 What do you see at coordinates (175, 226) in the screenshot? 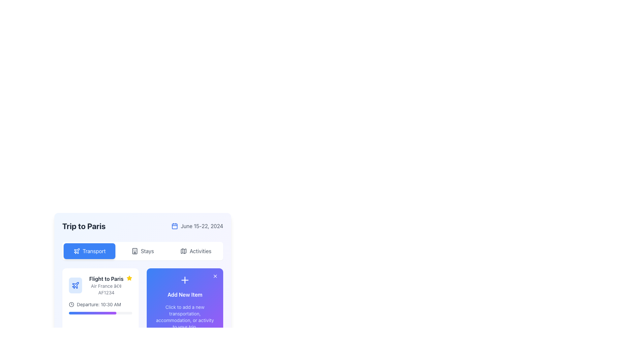
I see `properties of the rectangular background component within the calendar icon, which serves as the base for the visual elements` at bounding box center [175, 226].